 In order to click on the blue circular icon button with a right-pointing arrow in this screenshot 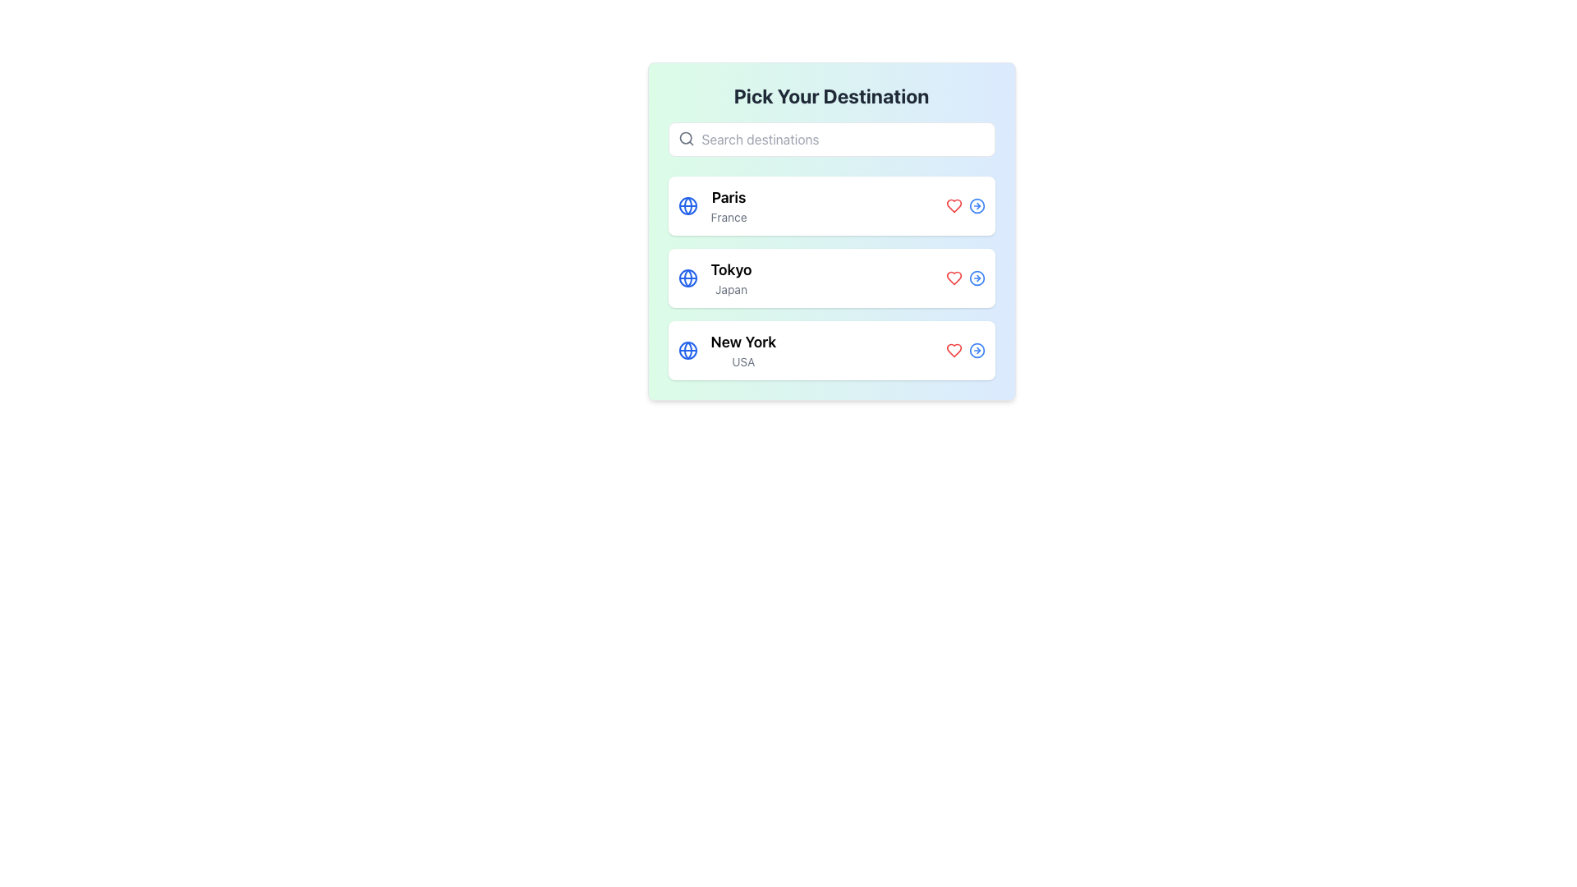, I will do `click(977, 205)`.